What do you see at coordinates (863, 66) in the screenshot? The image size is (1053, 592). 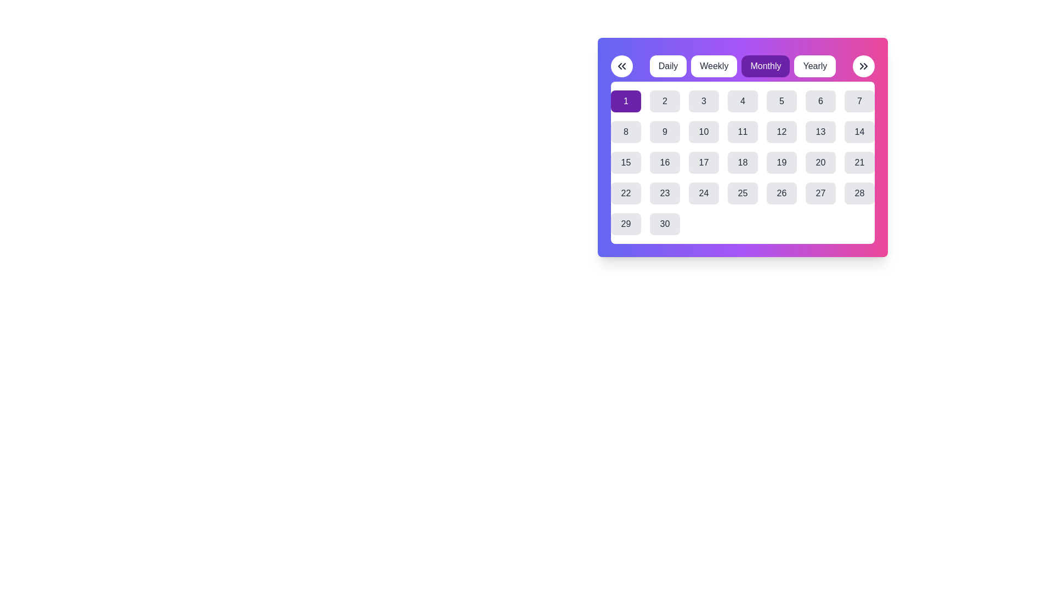 I see `the double-chevron icon located within the circular button at the top-right corner of the calendar widget` at bounding box center [863, 66].